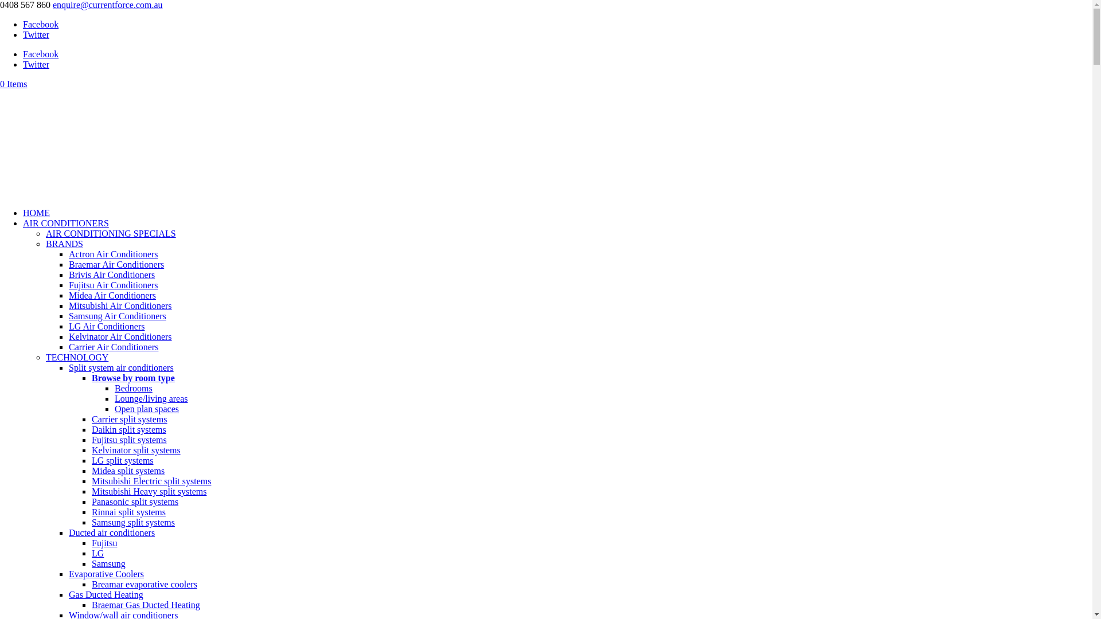 Image resolution: width=1101 pixels, height=619 pixels. I want to click on 'enquire@currentforce.com.au', so click(107, 5).